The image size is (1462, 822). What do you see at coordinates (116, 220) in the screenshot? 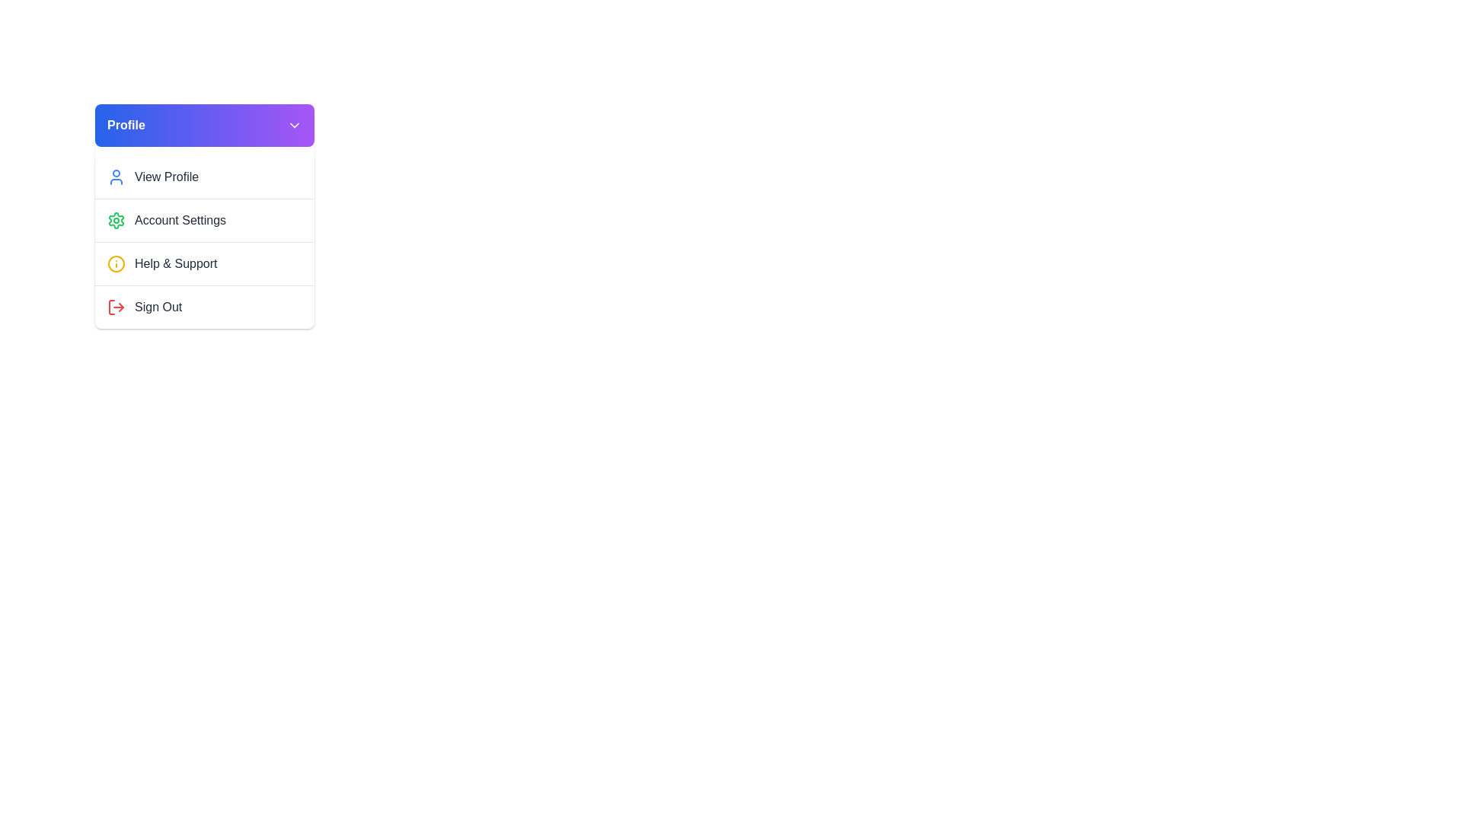
I see `the gear/settings icon located in the 'Account Settings' menu under the 'Profile' heading` at bounding box center [116, 220].